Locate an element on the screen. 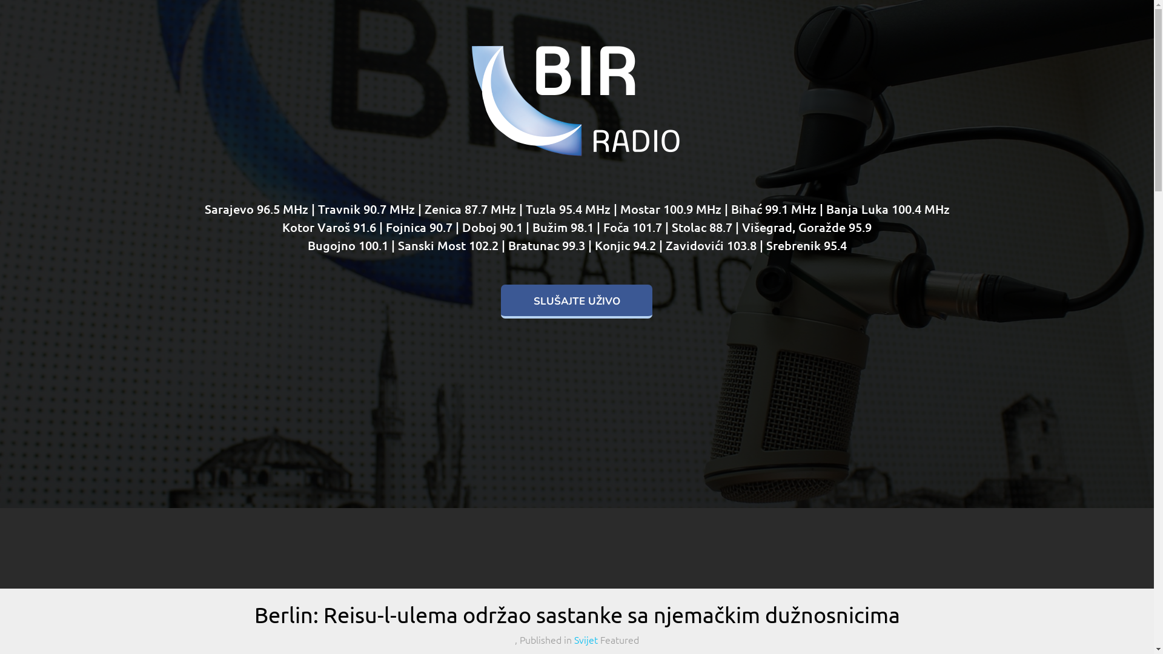 Image resolution: width=1163 pixels, height=654 pixels. 'Svijet' is located at coordinates (586, 639).